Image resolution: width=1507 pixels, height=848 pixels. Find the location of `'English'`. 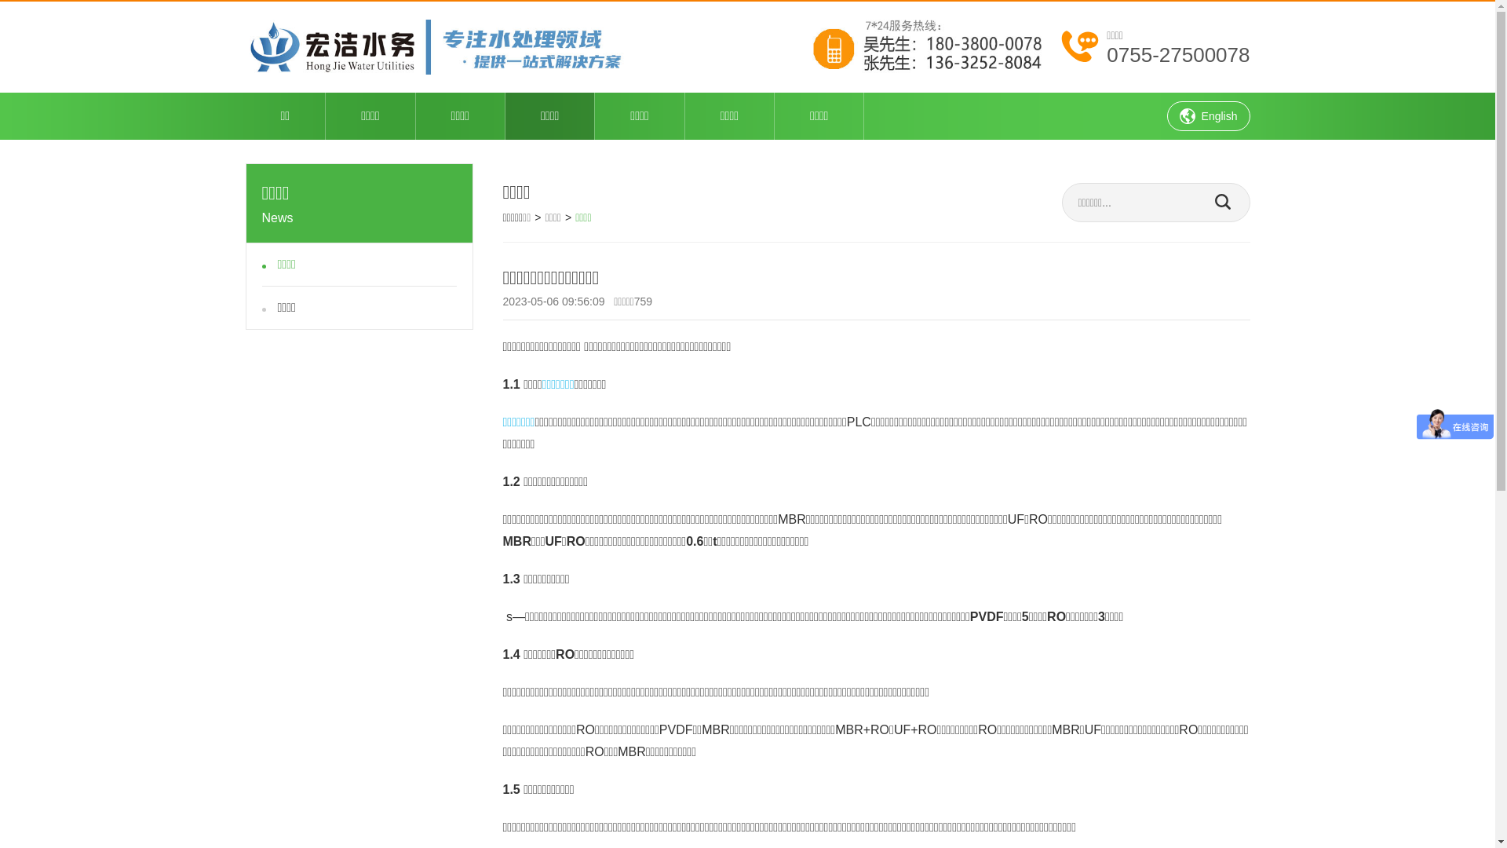

'English' is located at coordinates (1167, 115).